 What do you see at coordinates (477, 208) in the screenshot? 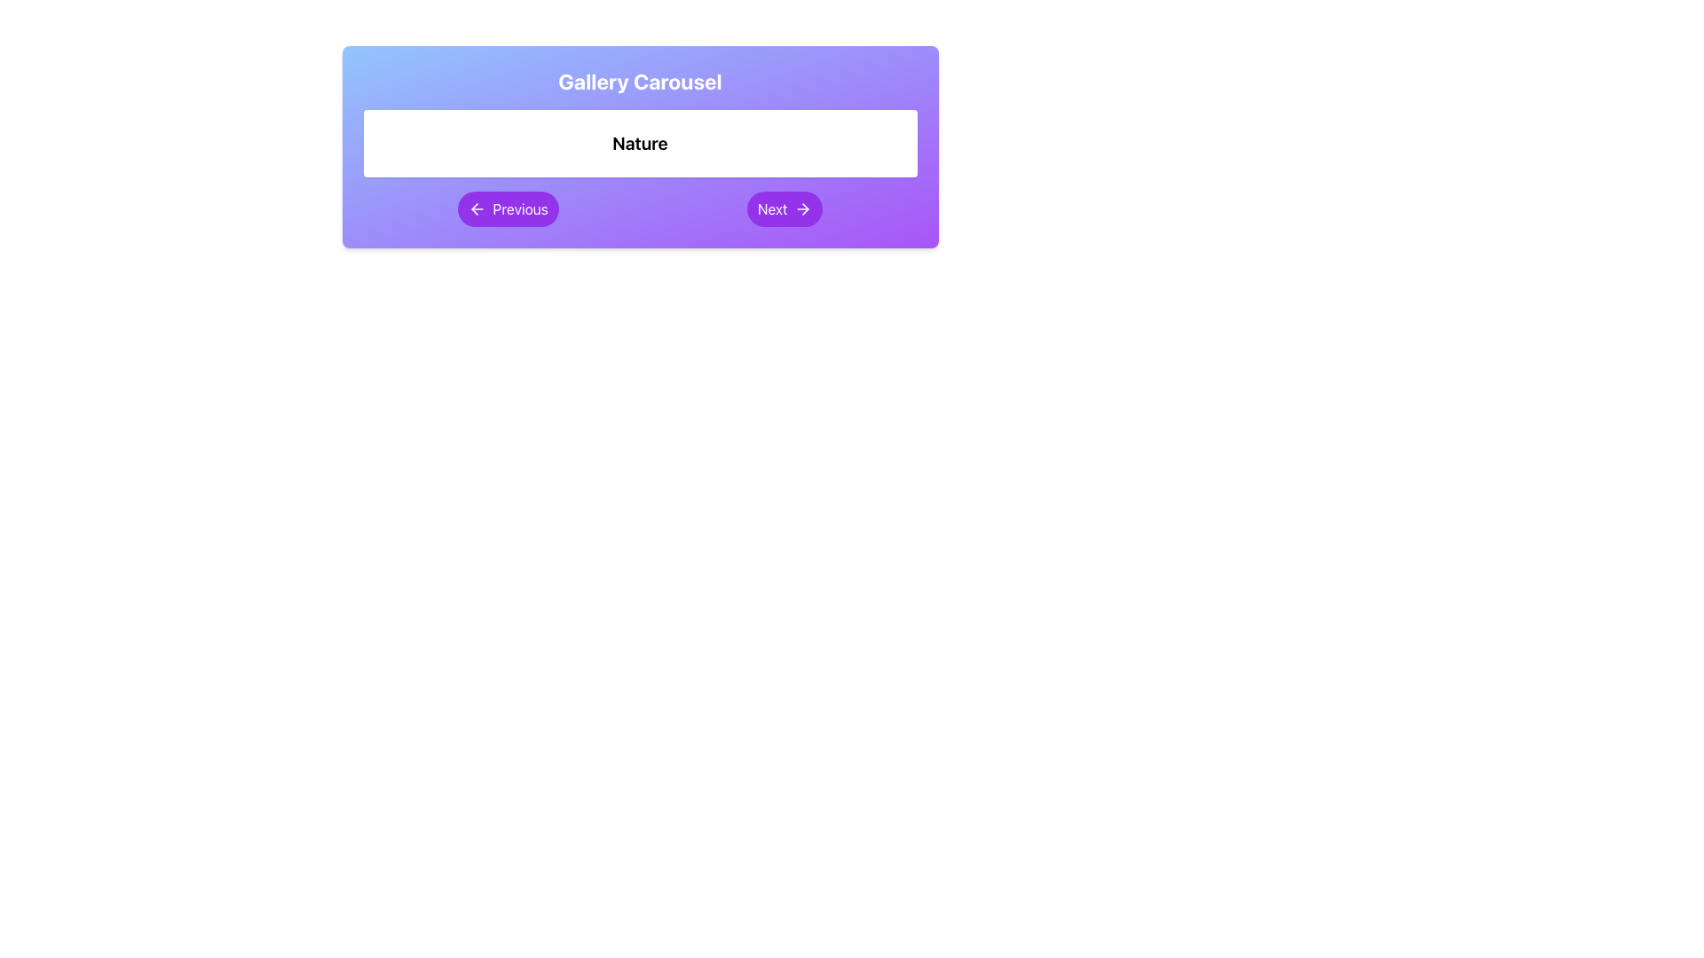
I see `the navigational icon within the purple 'Previous' button located under the 'Nature' section` at bounding box center [477, 208].